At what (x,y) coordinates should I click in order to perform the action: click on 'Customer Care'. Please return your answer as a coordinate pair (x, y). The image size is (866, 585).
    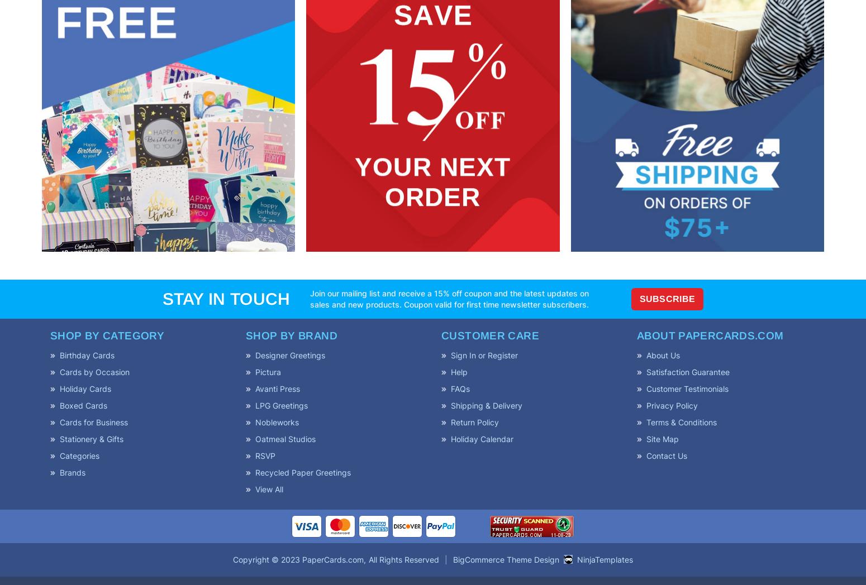
    Looking at the image, I should click on (489, 335).